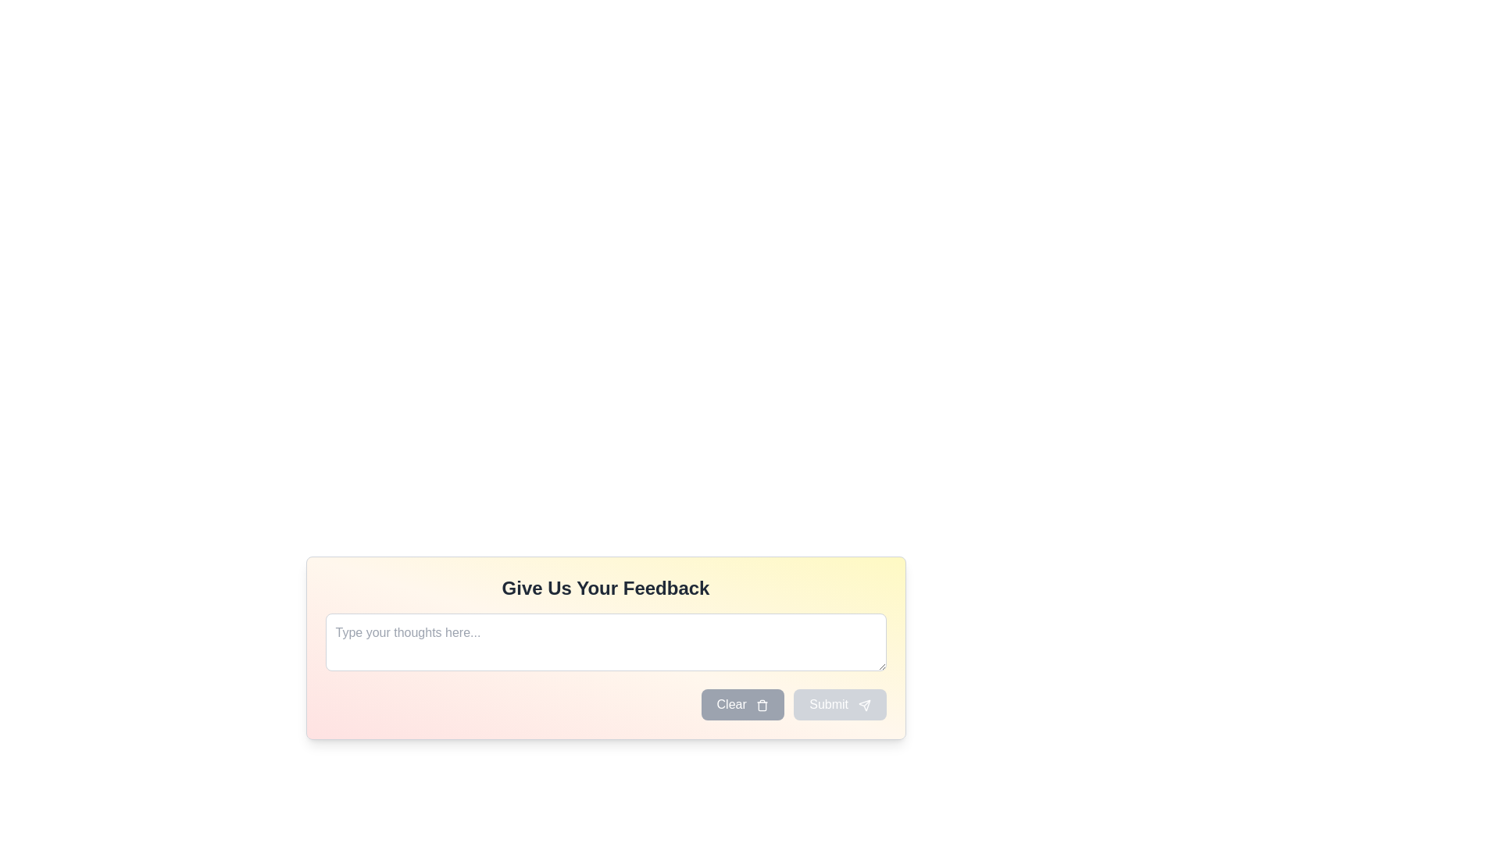 The image size is (1500, 843). Describe the element at coordinates (762, 705) in the screenshot. I see `the trash can icon located to the right of the 'Clear' button in the bottom left section of the feedback form interface` at that location.